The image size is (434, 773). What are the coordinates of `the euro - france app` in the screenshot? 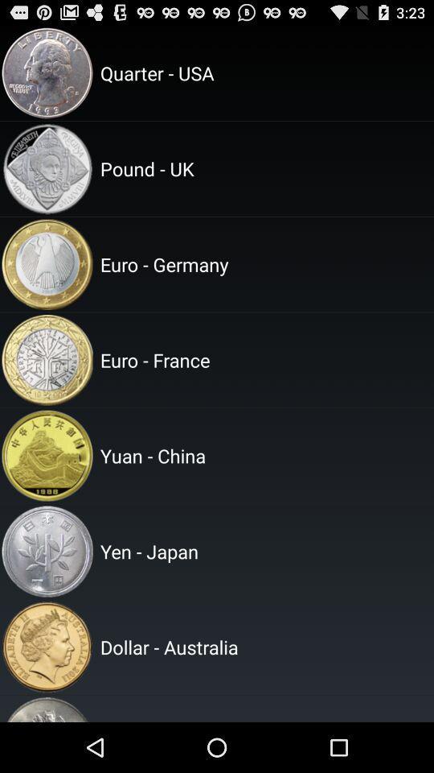 It's located at (264, 360).